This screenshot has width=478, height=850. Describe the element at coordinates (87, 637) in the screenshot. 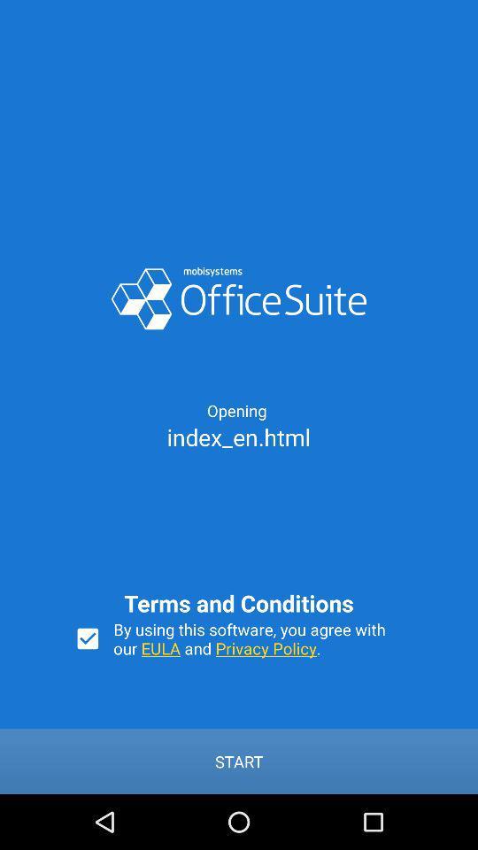

I see `icon above start` at that location.